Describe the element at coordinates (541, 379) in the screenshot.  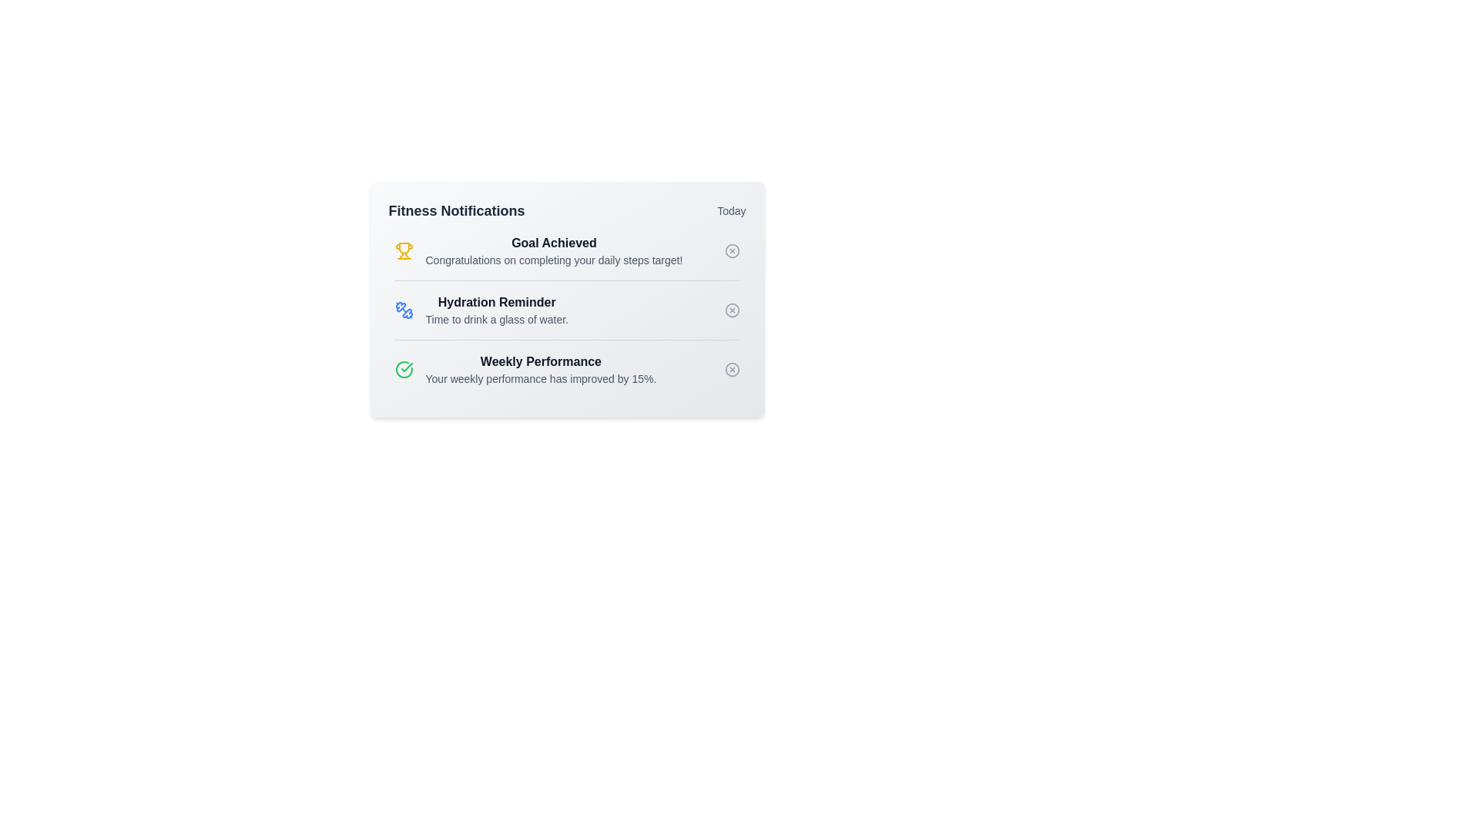
I see `the text element displaying 'Your weekly performance has improved by 15%' located below the 'Weekly Performance' header in the 'Fitness Notifications' section` at that location.